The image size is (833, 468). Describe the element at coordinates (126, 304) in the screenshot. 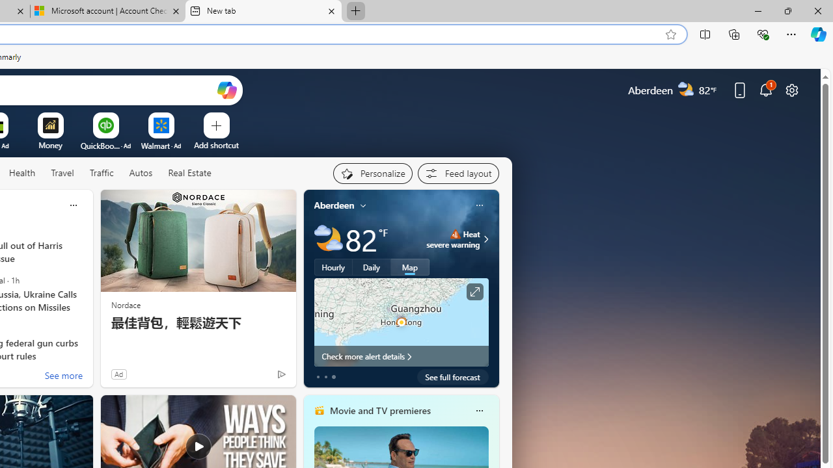

I see `'Nordace'` at that location.